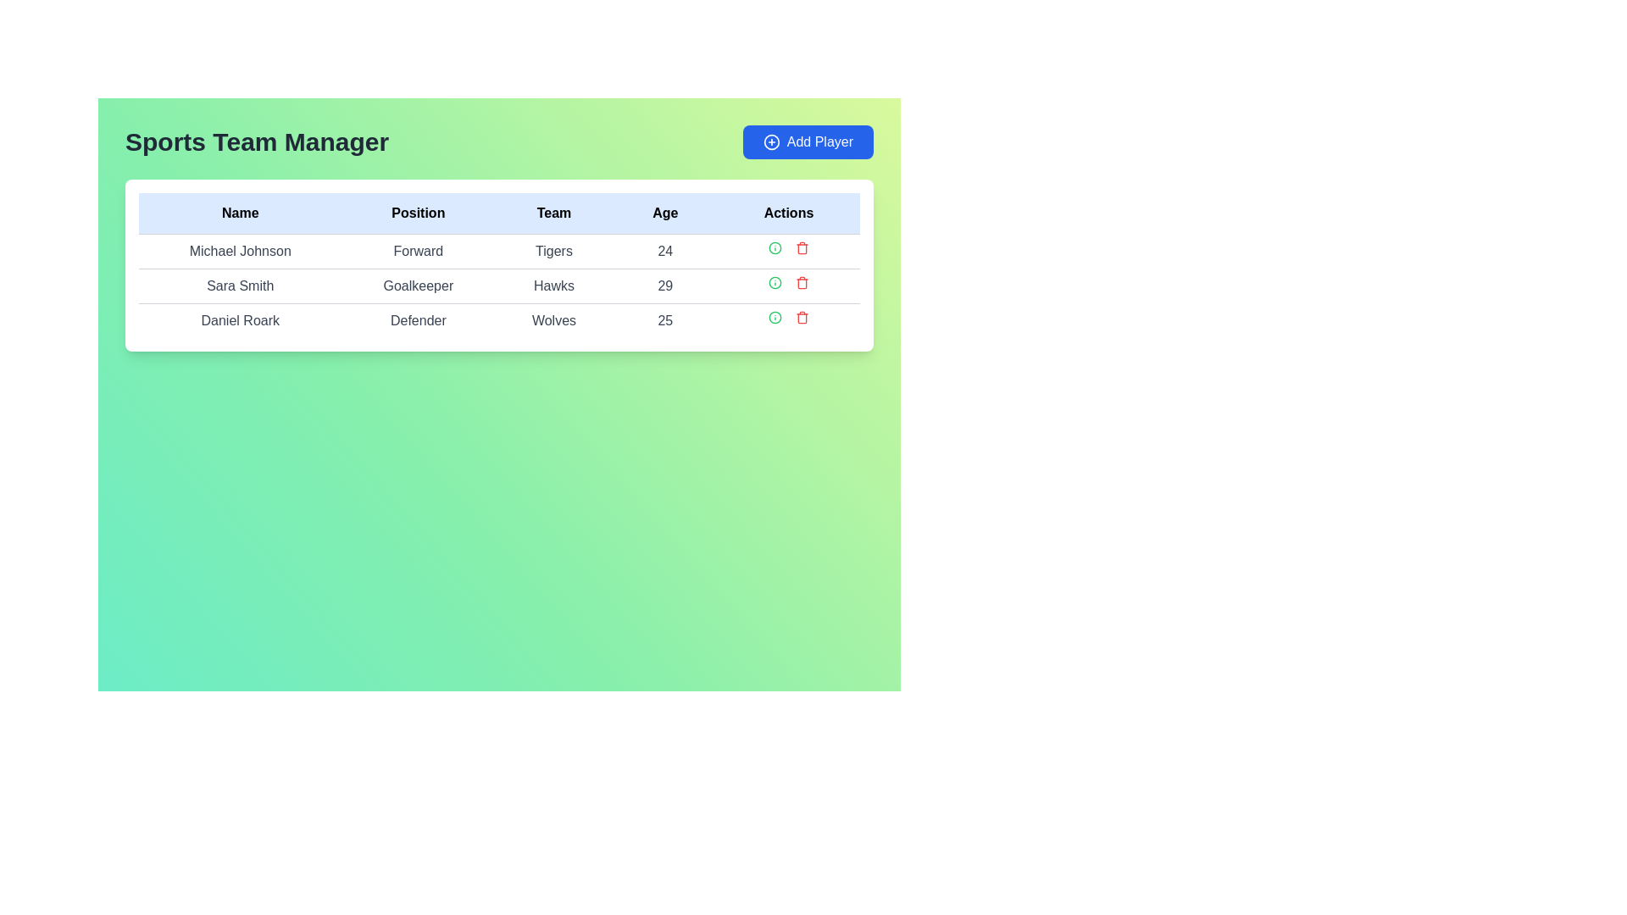  I want to click on the trash can icon located in the last row under the 'Actions' column of the team management table, so click(801, 319).